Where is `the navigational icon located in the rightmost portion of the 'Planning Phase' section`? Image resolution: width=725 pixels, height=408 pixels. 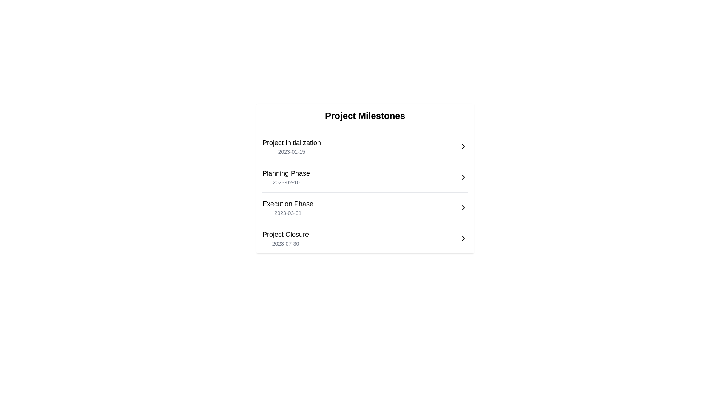 the navigational icon located in the rightmost portion of the 'Planning Phase' section is located at coordinates (463, 177).